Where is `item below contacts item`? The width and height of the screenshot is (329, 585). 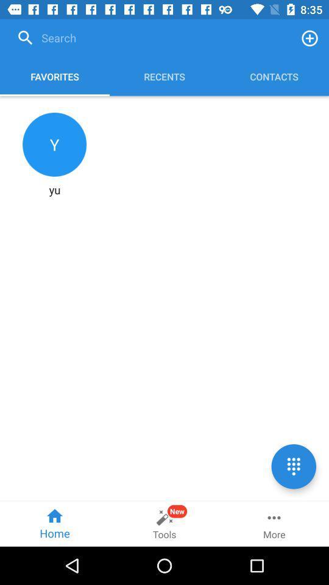
item below contacts item is located at coordinates (293, 466).